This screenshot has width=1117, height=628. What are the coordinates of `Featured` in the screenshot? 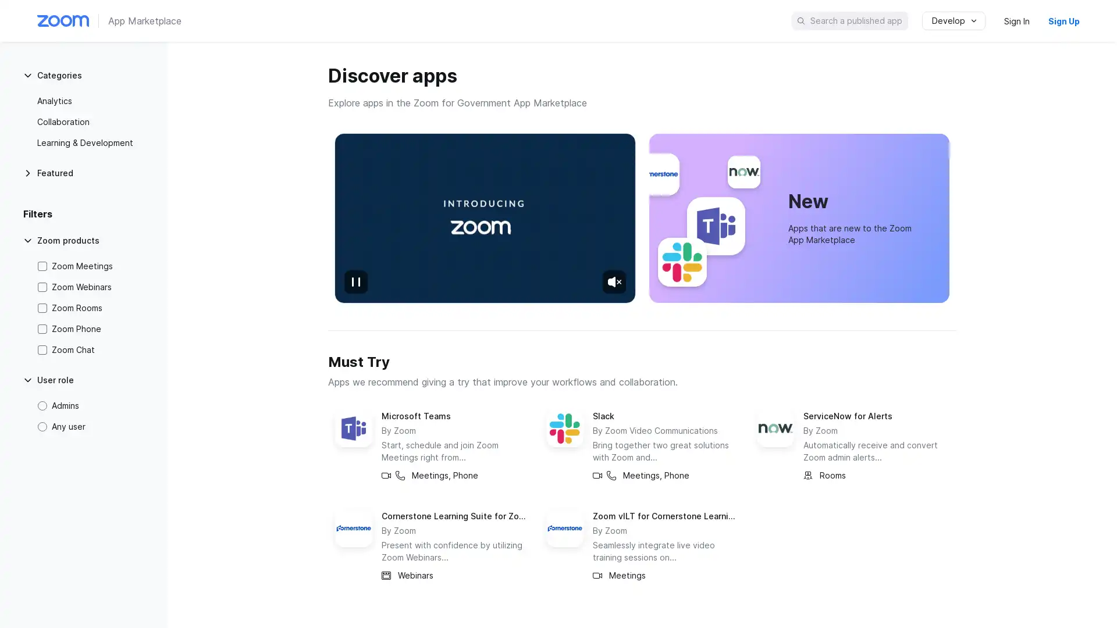 It's located at (83, 173).